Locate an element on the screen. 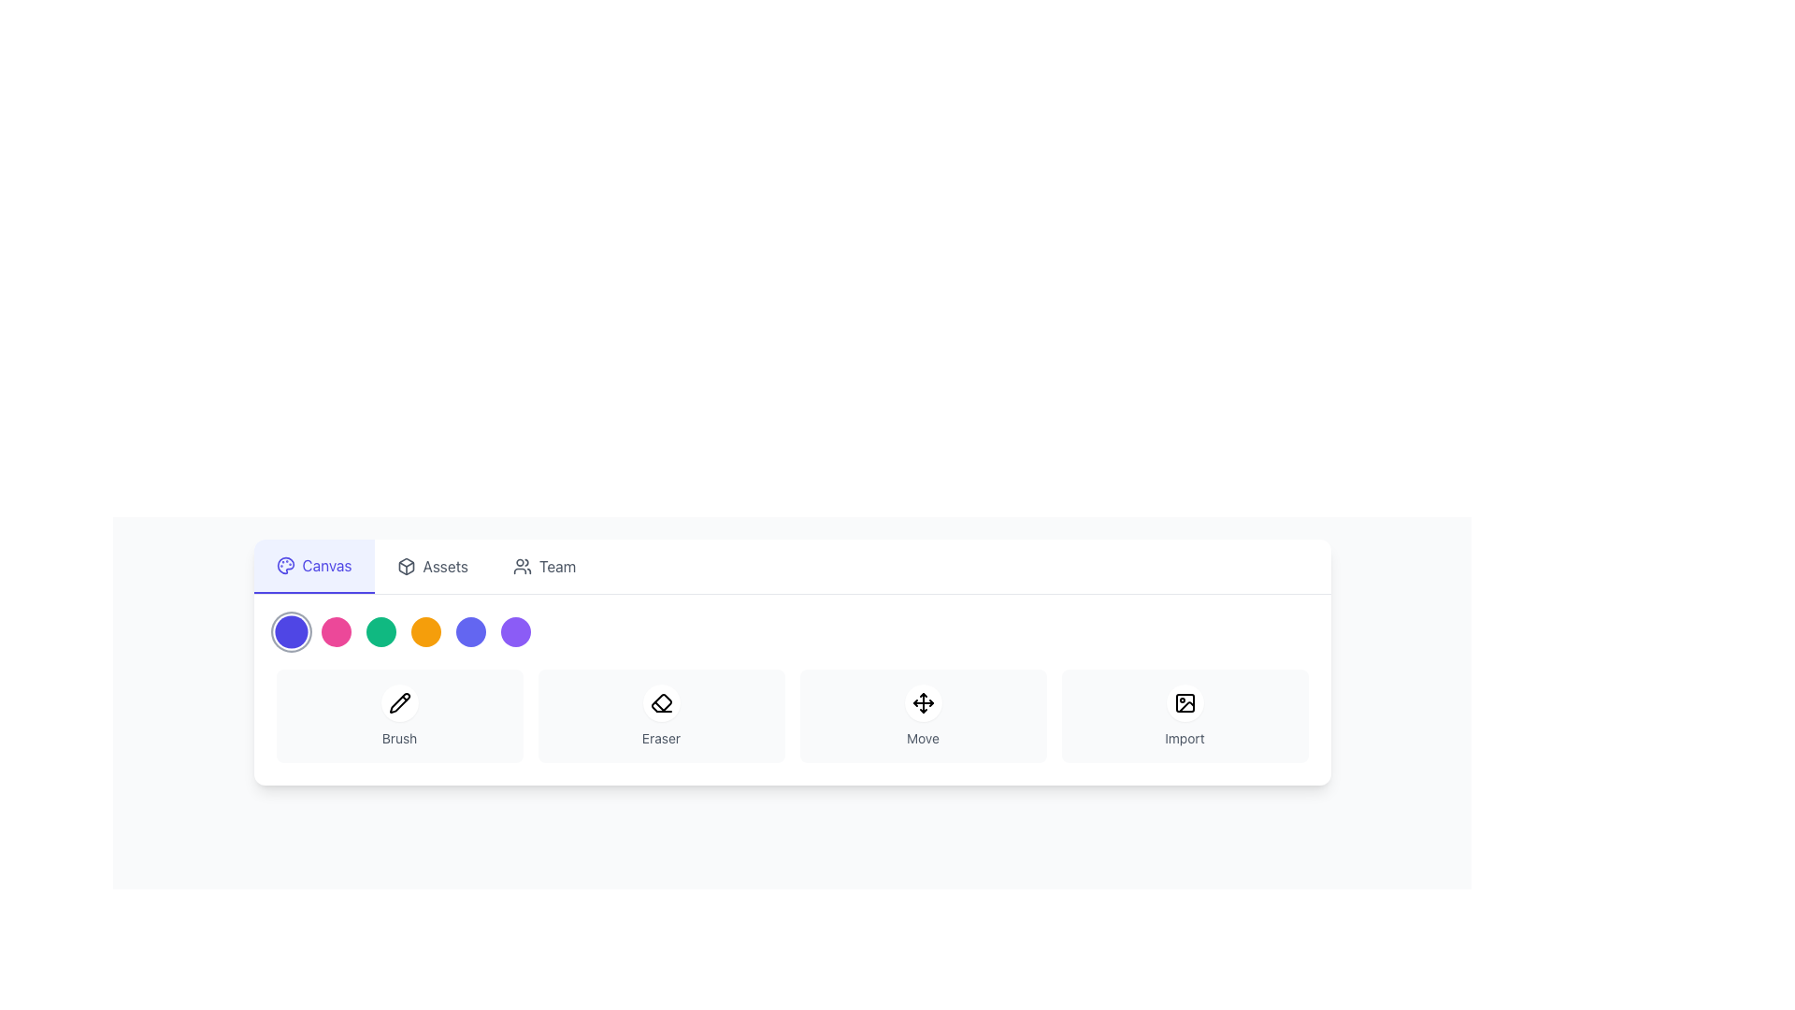 Image resolution: width=1795 pixels, height=1010 pixels. the 'Eraser' button, which is a rectangular button with rounded corners, a light gray background, a white circular icon with a black eraser graphic, and the label 'Eraser' in small gray text is located at coordinates (661, 715).